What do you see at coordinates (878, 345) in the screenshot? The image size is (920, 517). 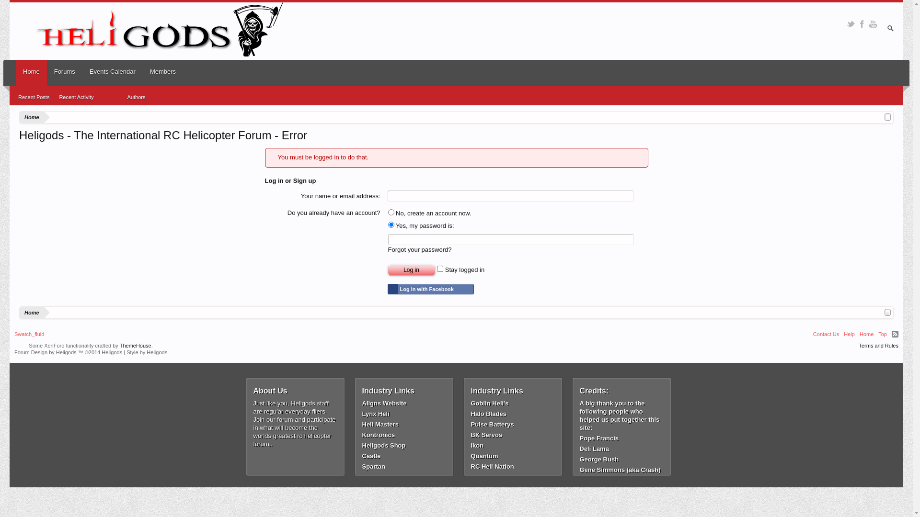 I see `'Terms and Rules'` at bounding box center [878, 345].